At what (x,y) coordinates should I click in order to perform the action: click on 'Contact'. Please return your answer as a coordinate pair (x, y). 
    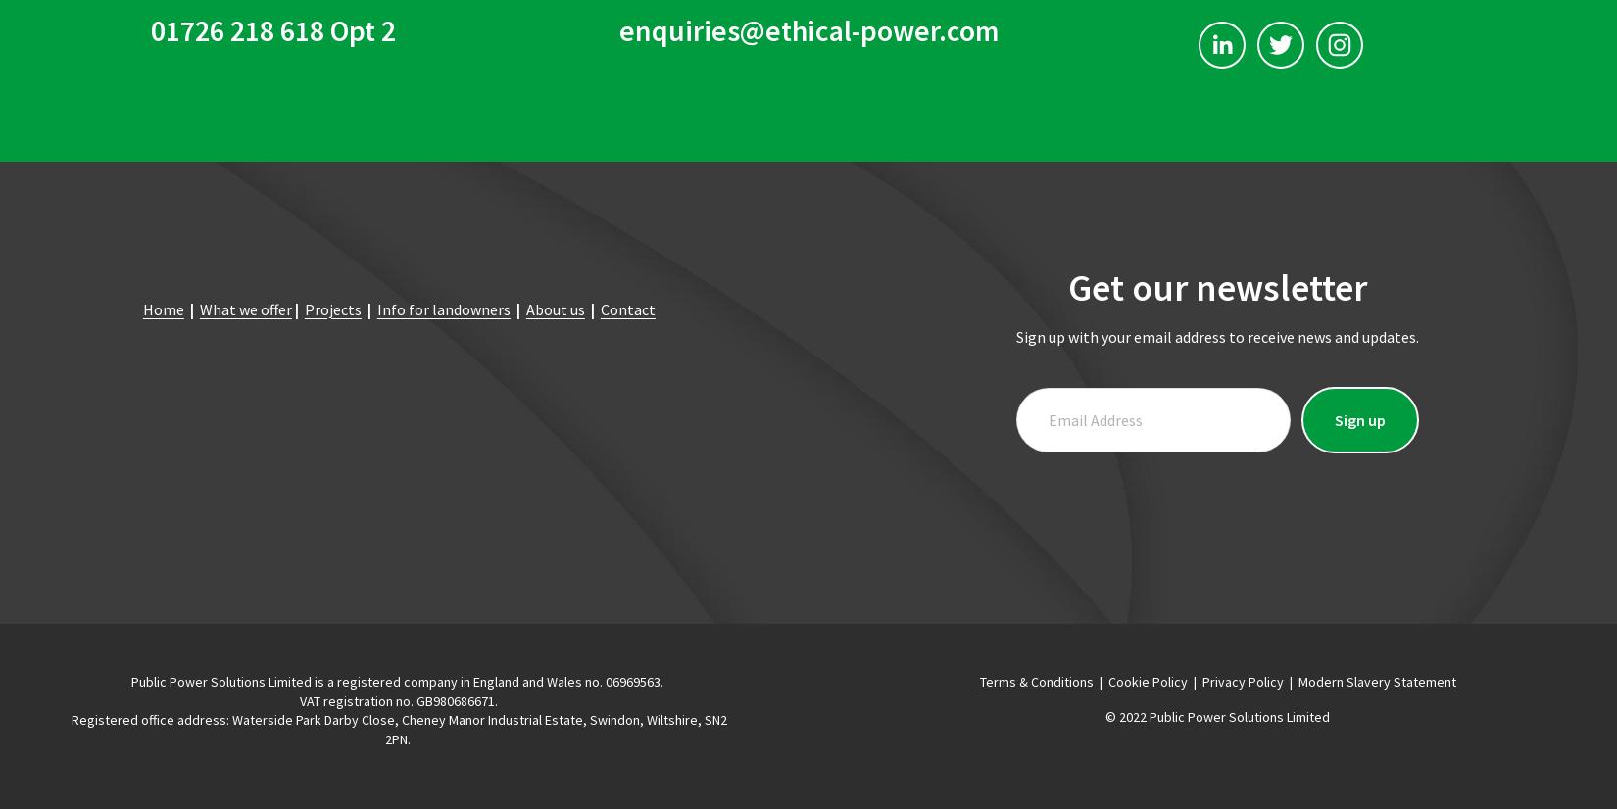
    Looking at the image, I should click on (626, 309).